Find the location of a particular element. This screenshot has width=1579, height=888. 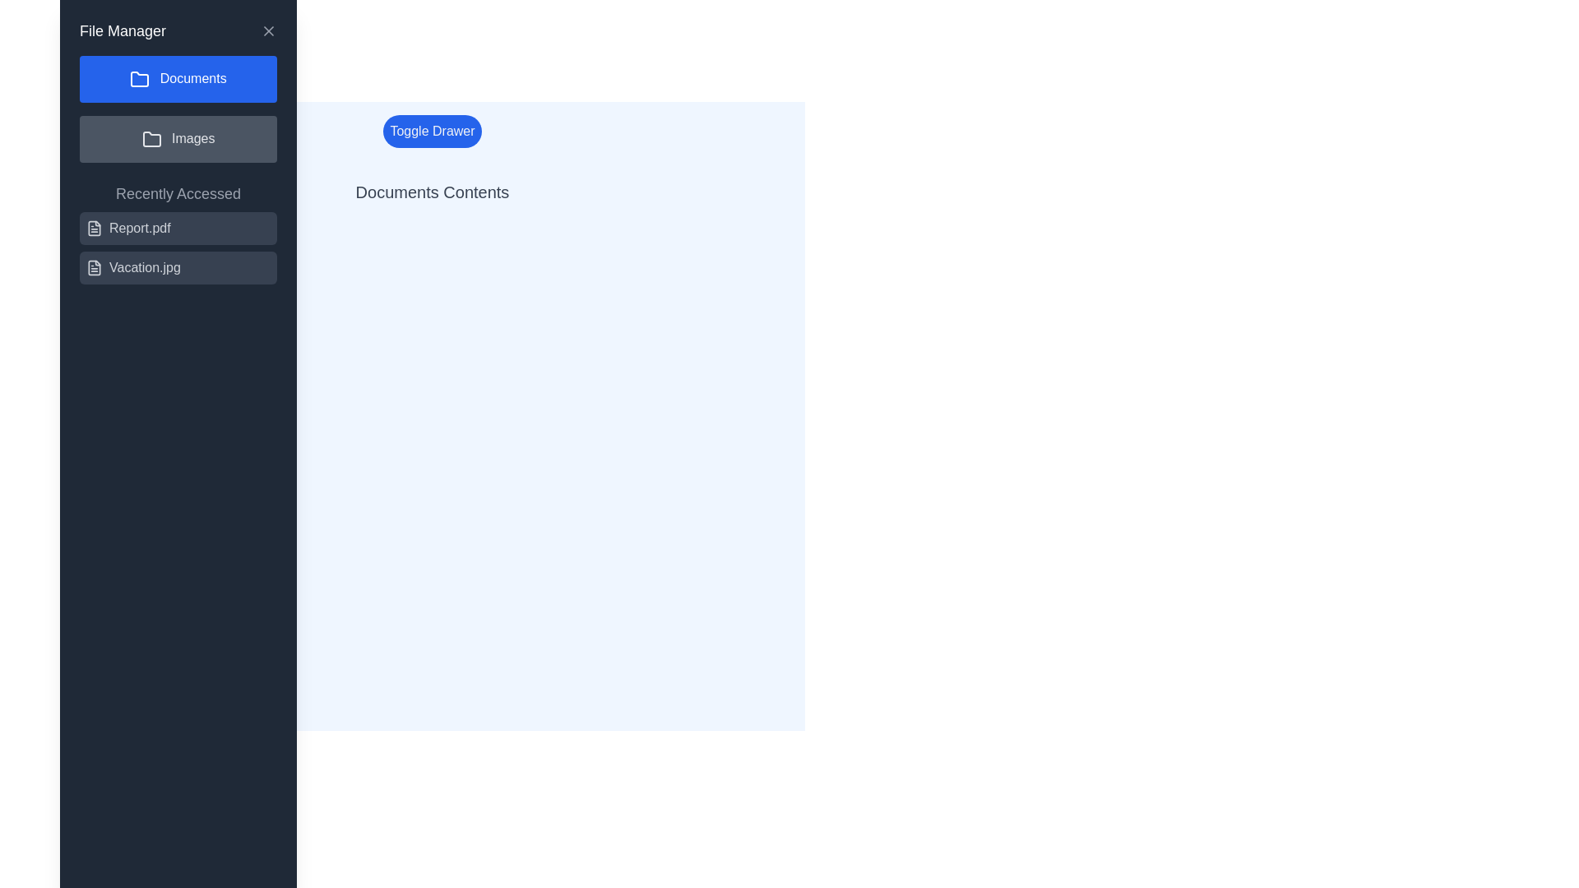

the close button located in the top-right corner of the 'File Manager' bar is located at coordinates (268, 31).